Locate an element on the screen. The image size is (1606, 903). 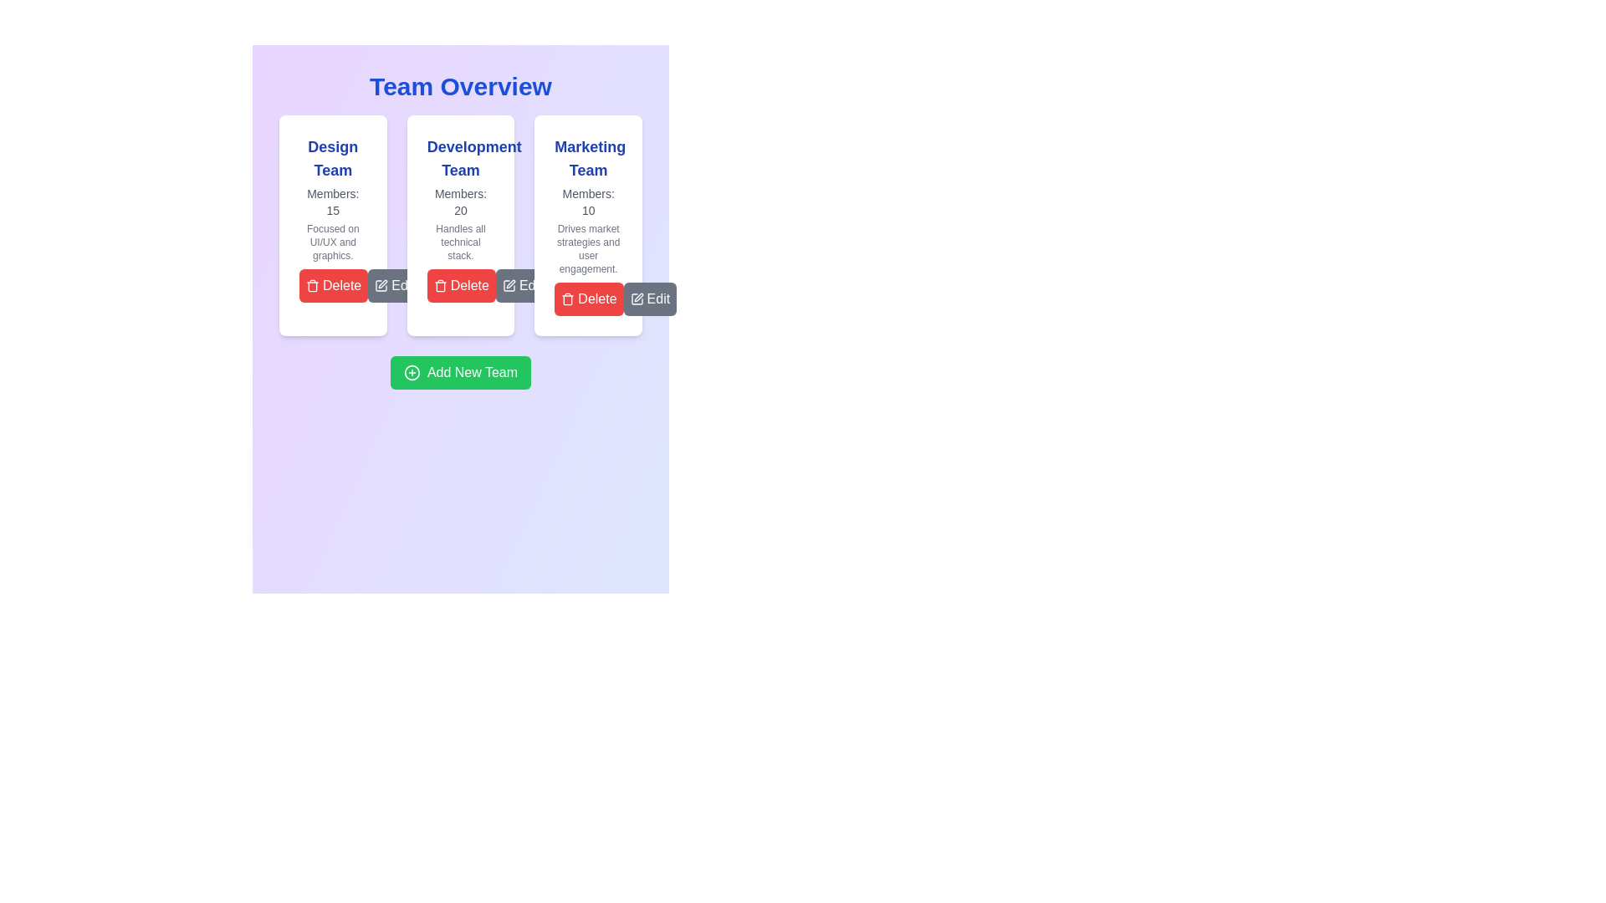
the static text label that provides a description of the responsibilities of the 'Marketing Team', located within the third card from the left, below the 'Members: 10' text is located at coordinates (588, 248).